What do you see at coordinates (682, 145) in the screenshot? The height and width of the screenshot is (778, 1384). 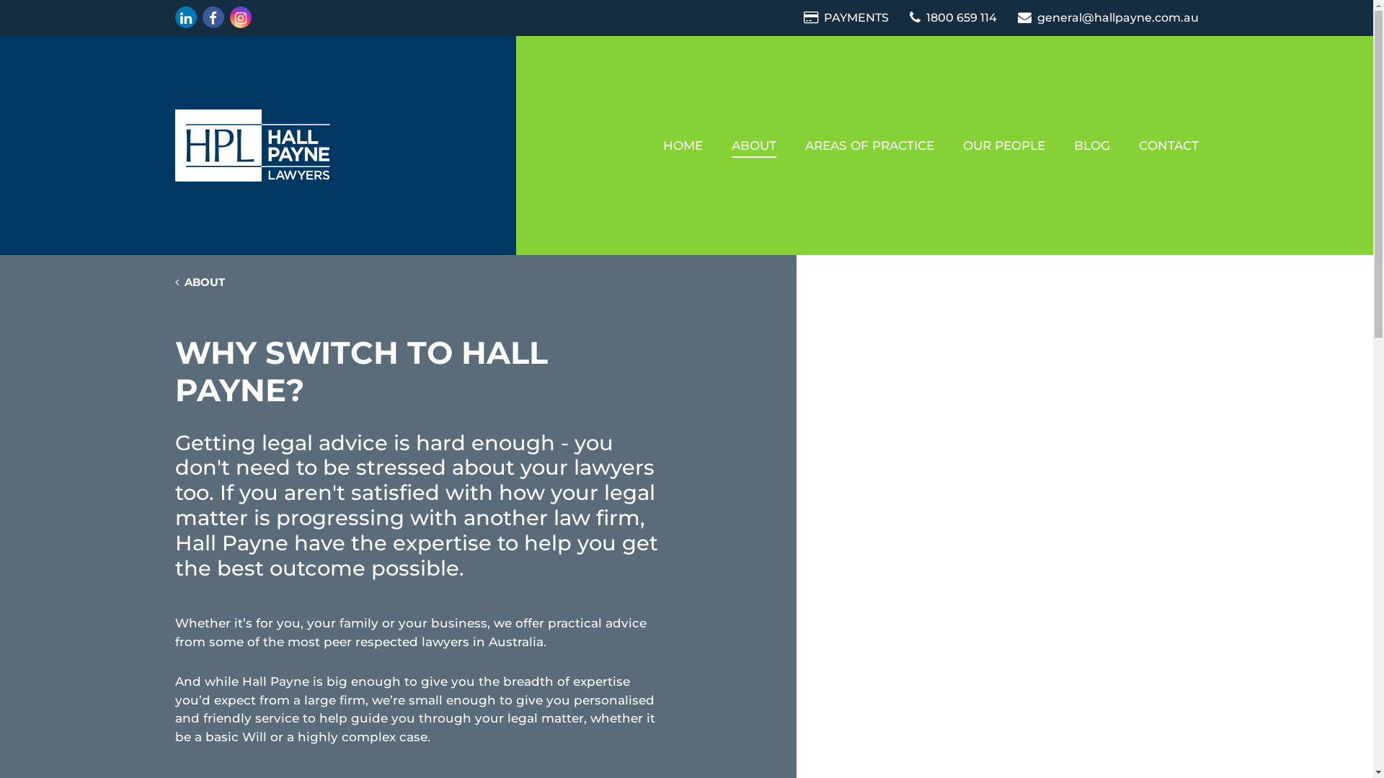 I see `'HOME'` at bounding box center [682, 145].